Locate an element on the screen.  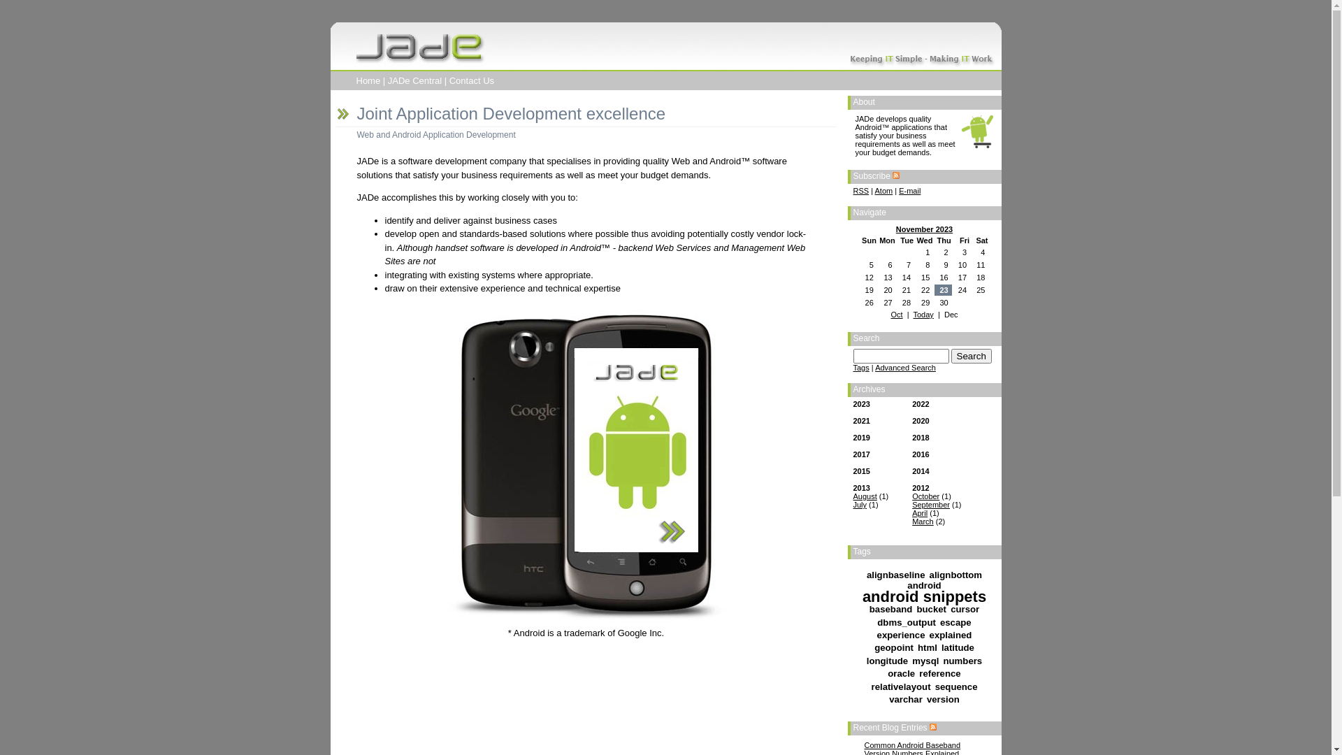
'alignbottom' is located at coordinates (955, 575).